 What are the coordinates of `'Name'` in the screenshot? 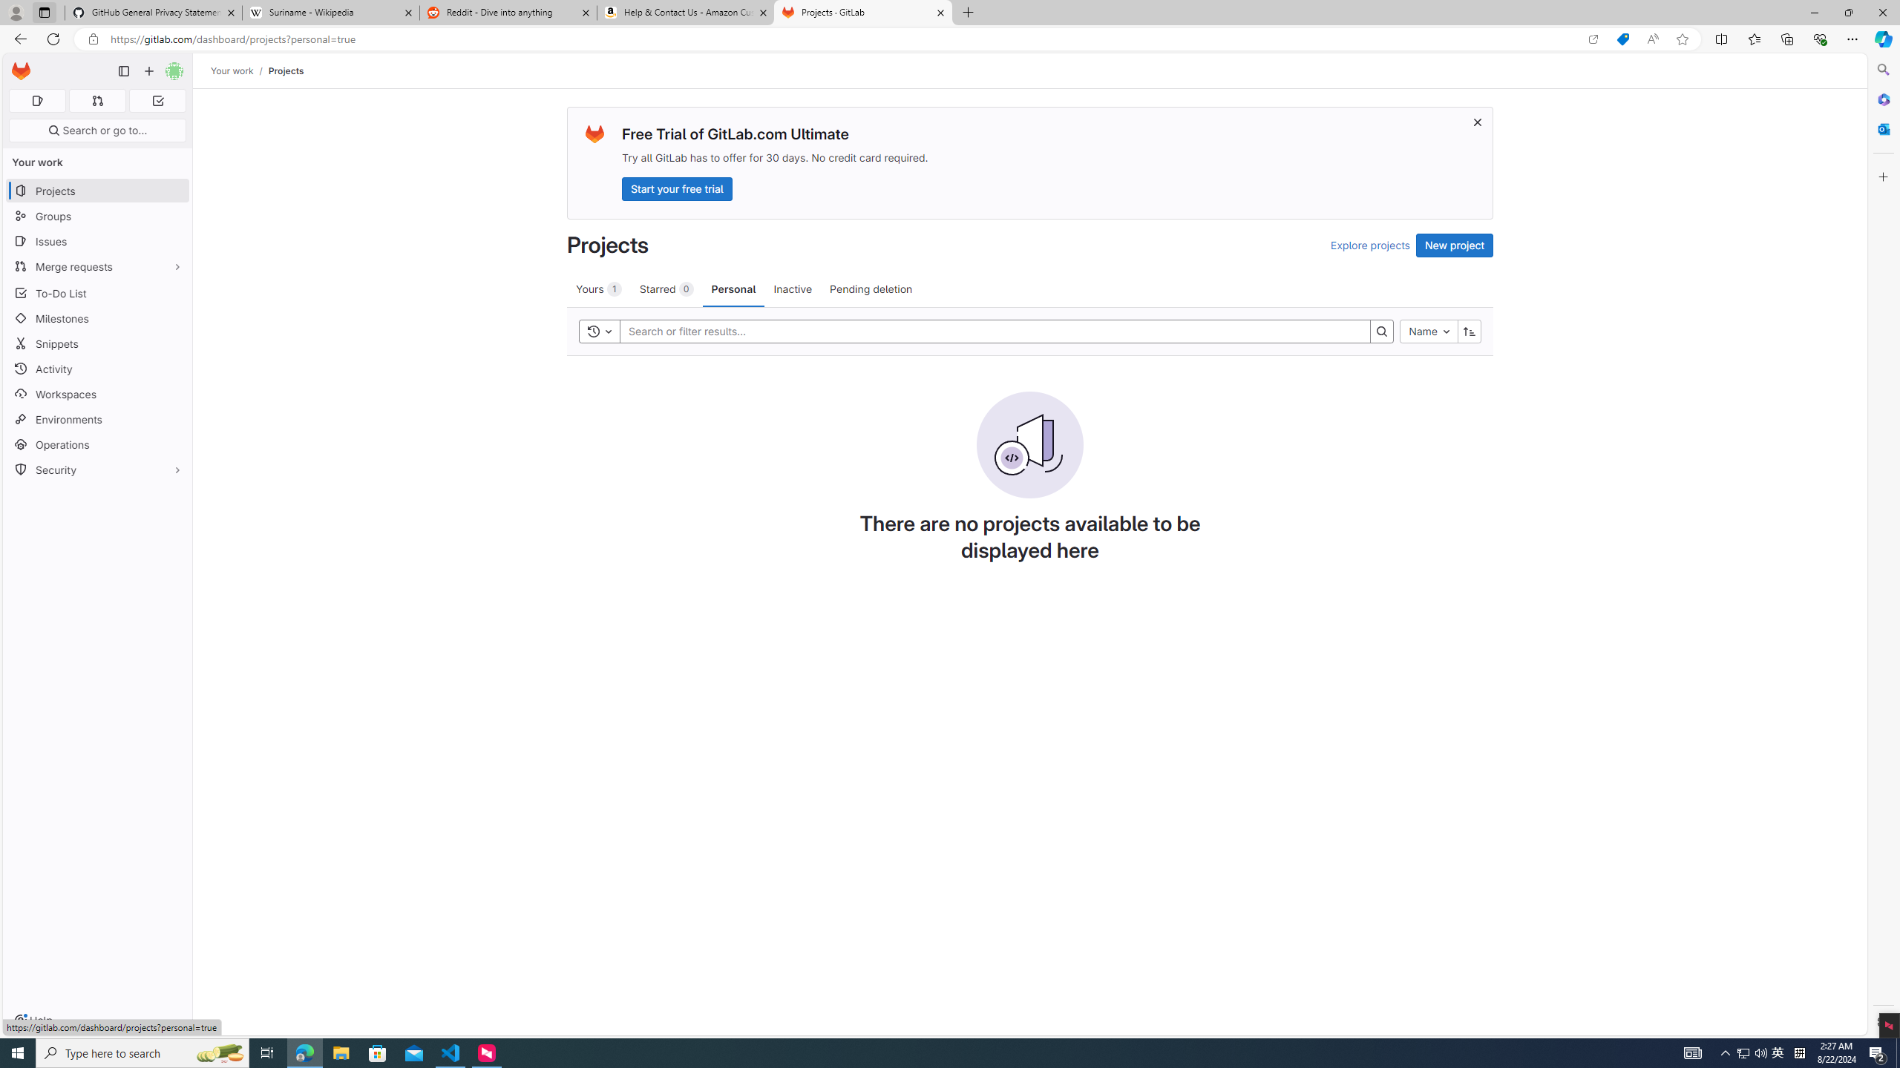 It's located at (1429, 332).